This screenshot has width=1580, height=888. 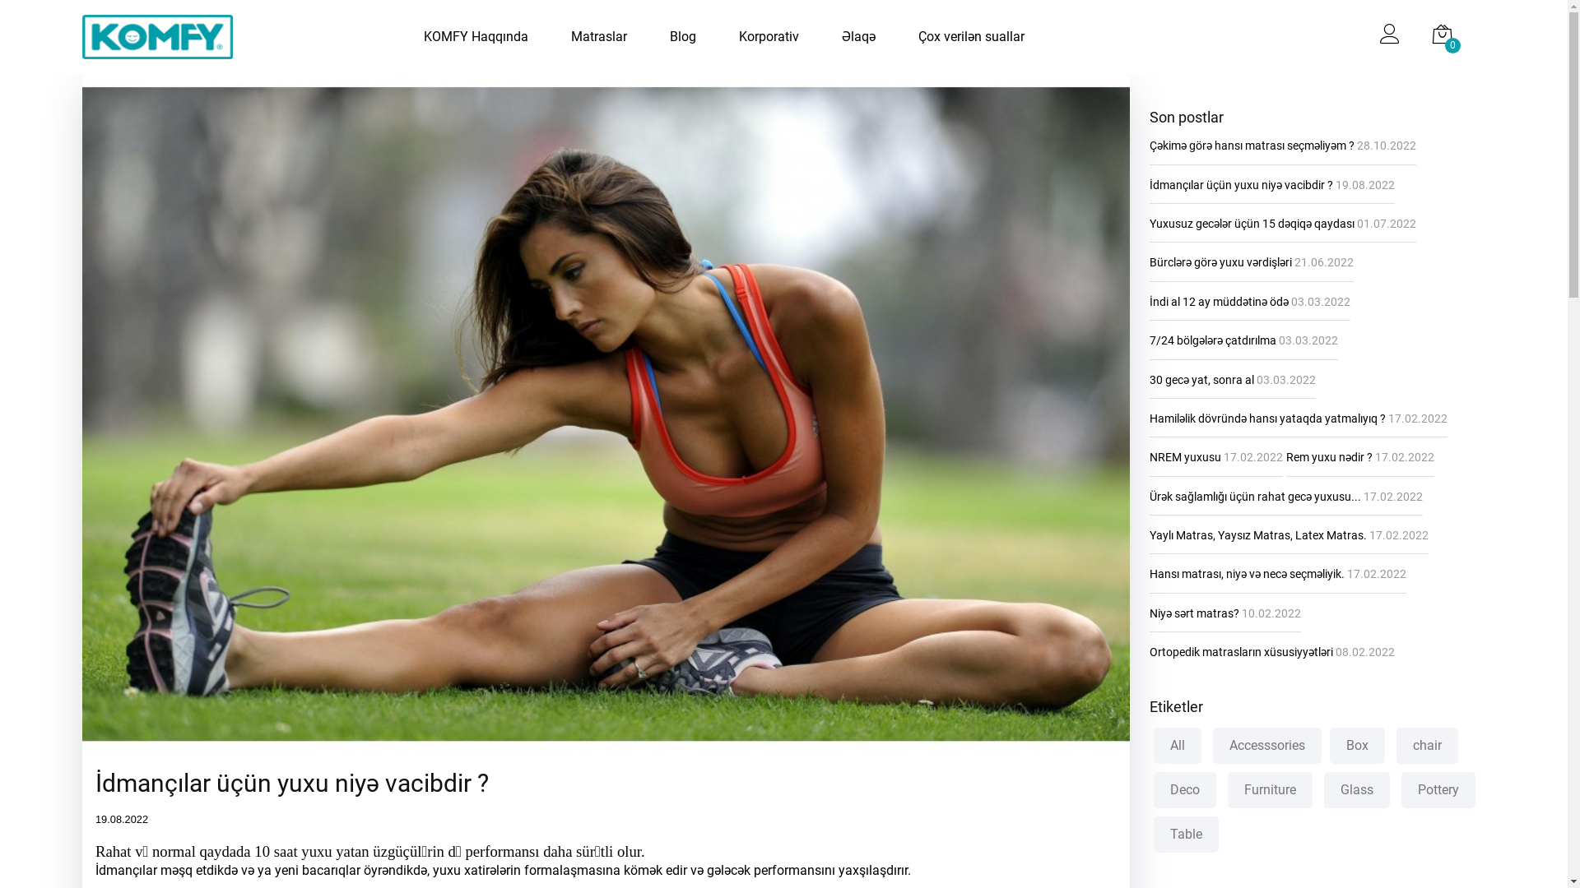 What do you see at coordinates (1357, 745) in the screenshot?
I see `'Box'` at bounding box center [1357, 745].